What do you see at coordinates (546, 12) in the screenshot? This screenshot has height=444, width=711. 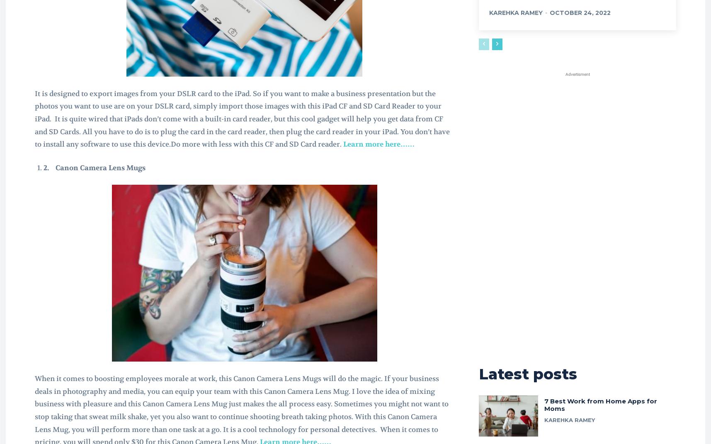 I see `'-'` at bounding box center [546, 12].